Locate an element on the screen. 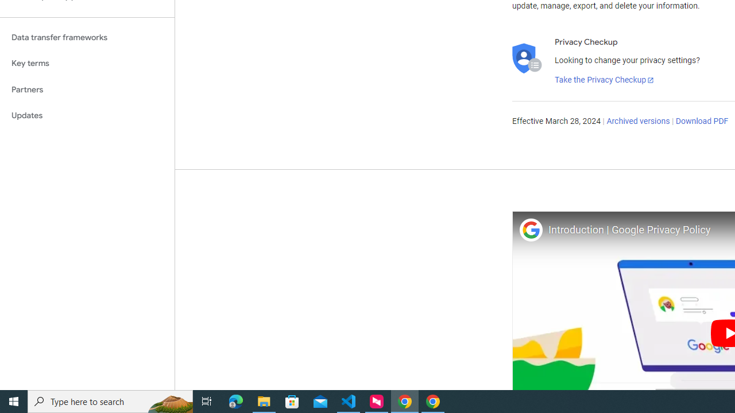  'Download PDF' is located at coordinates (701, 122).